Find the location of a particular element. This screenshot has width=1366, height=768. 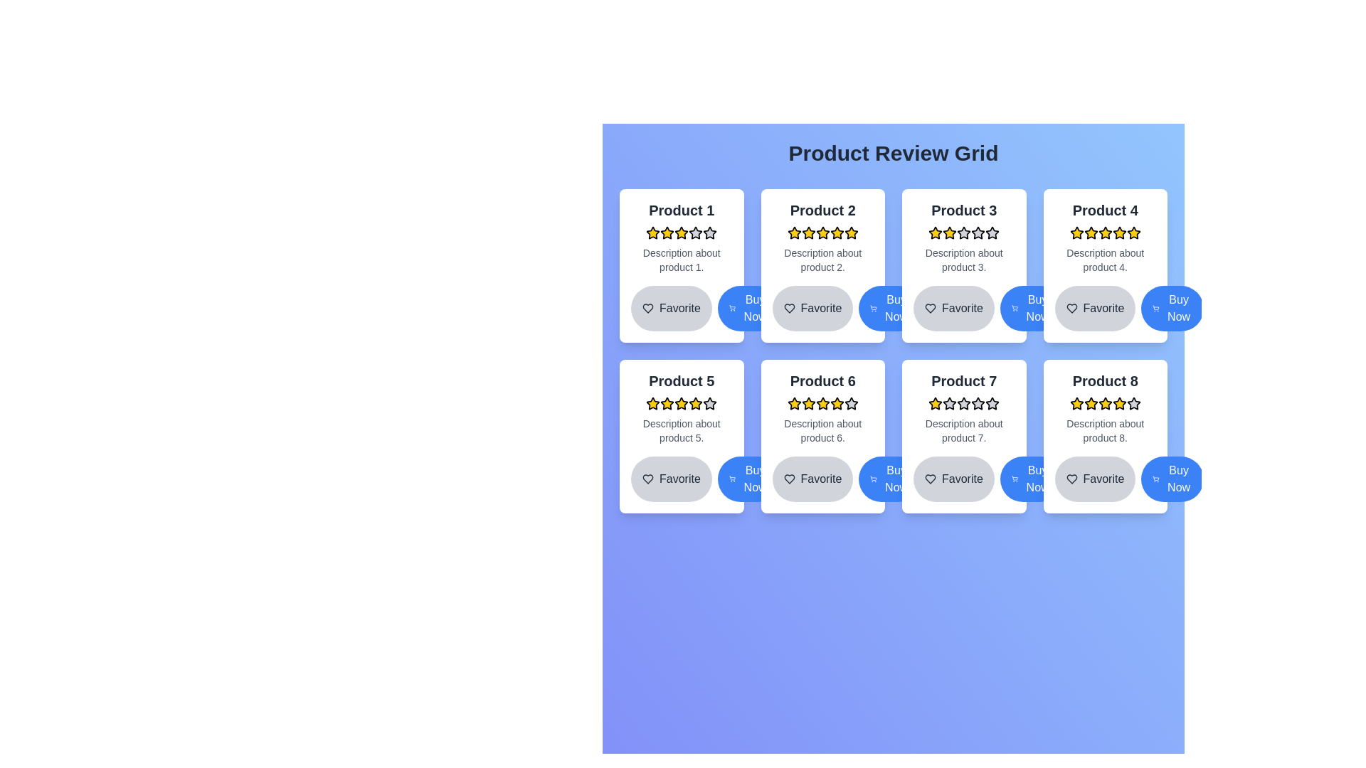

the second star icon in the rating system for 'Product 7' is located at coordinates (977, 403).